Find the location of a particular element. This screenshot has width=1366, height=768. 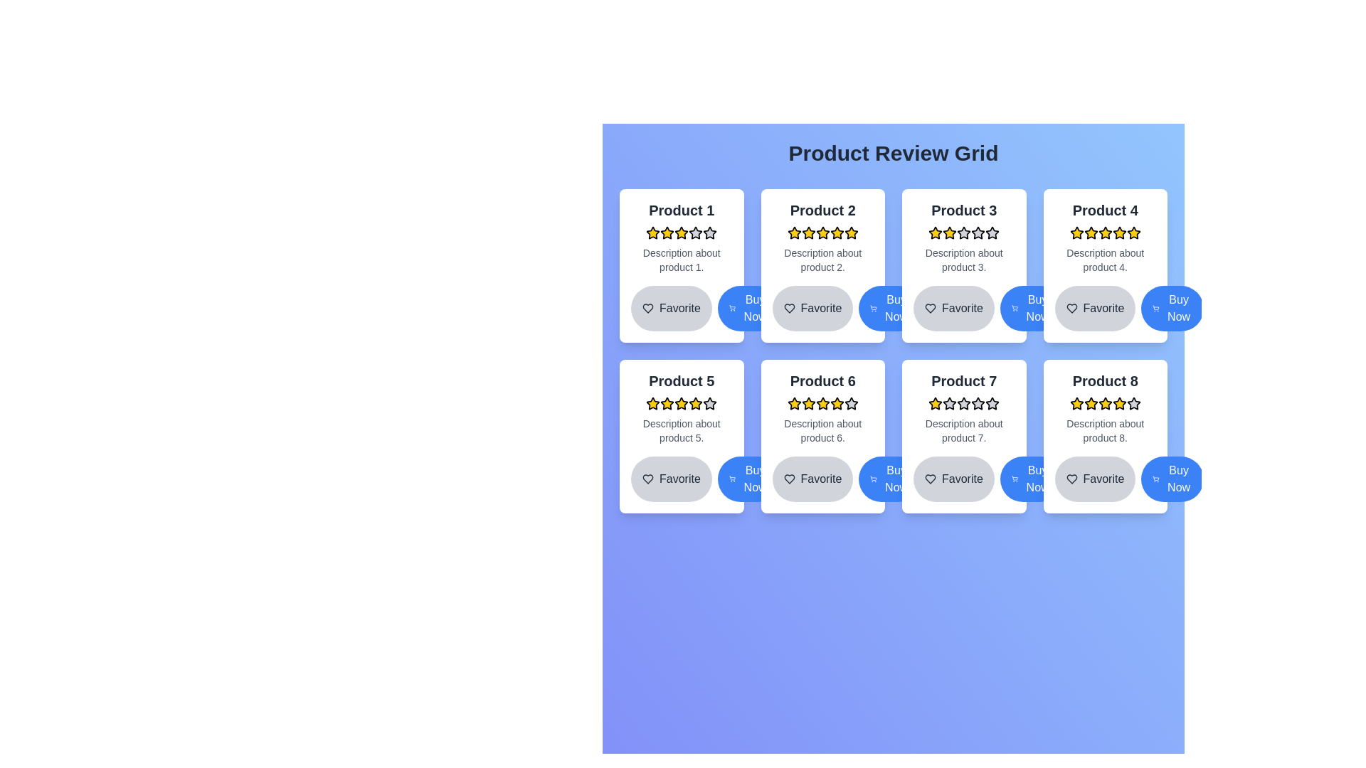

the second star icon in the rating system for 'Product 7' is located at coordinates (977, 403).